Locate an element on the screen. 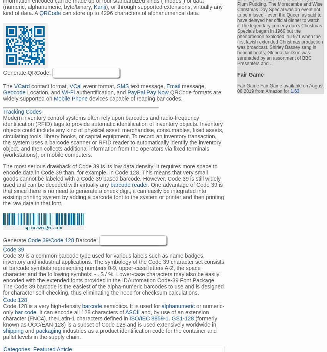 This screenshot has width=327, height=352. 'QRCode' is located at coordinates (50, 12).